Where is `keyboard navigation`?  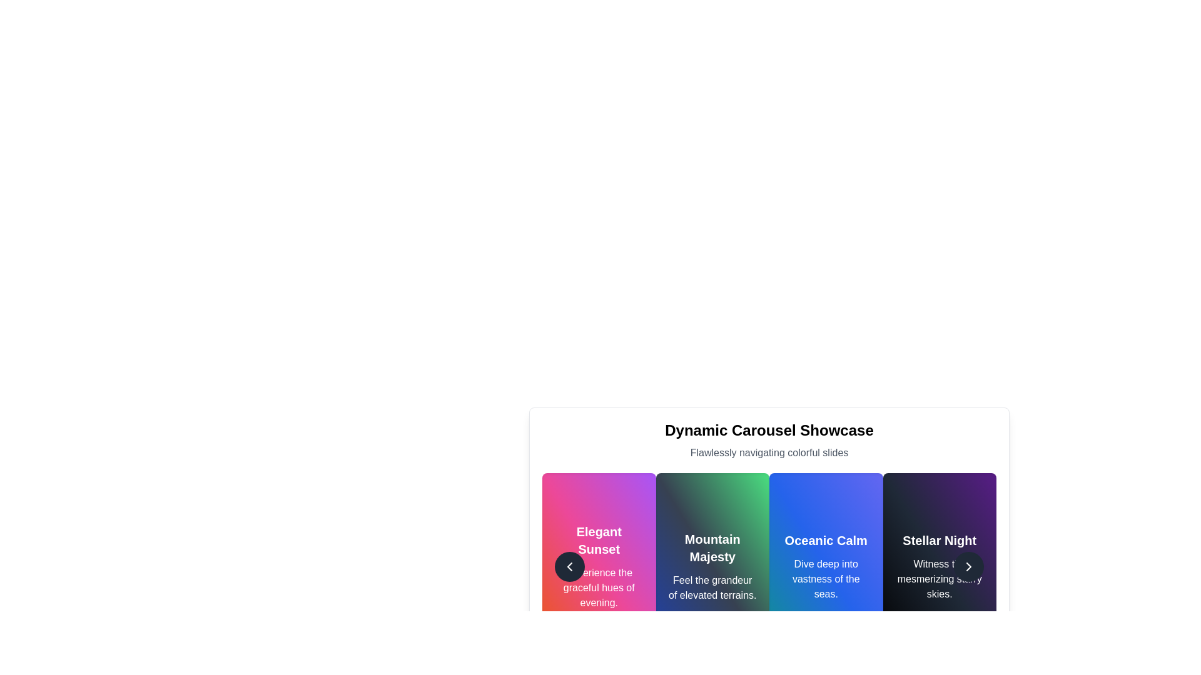
keyboard navigation is located at coordinates (712, 566).